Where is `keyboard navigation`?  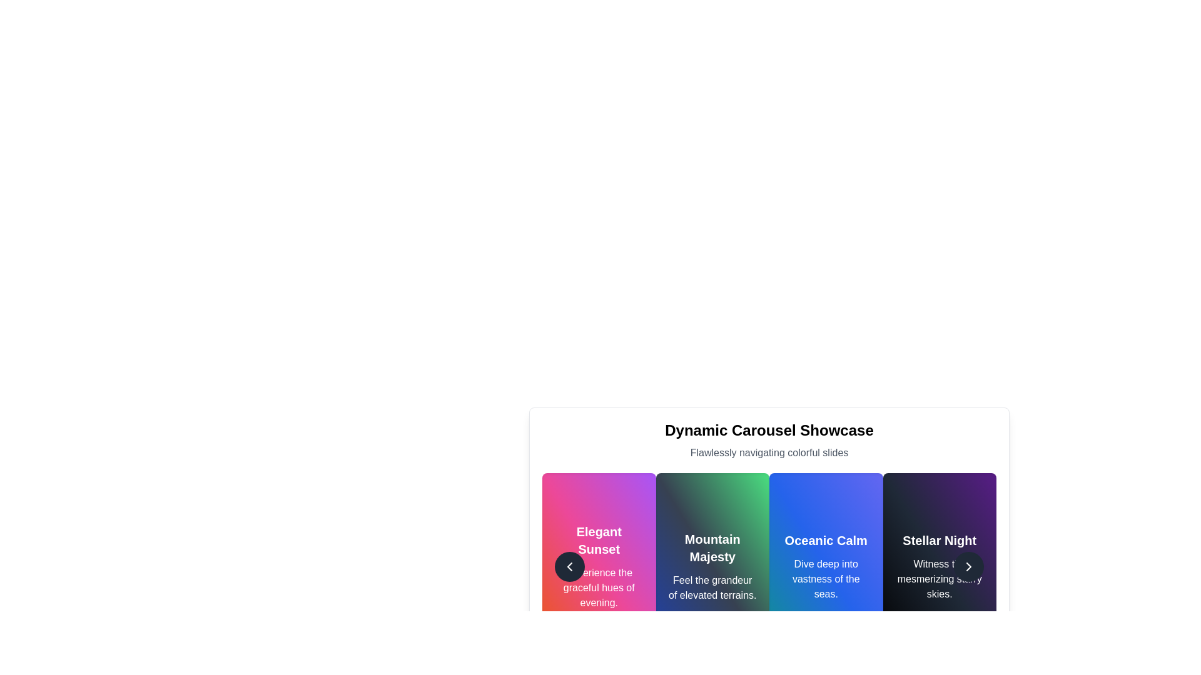
keyboard navigation is located at coordinates (712, 566).